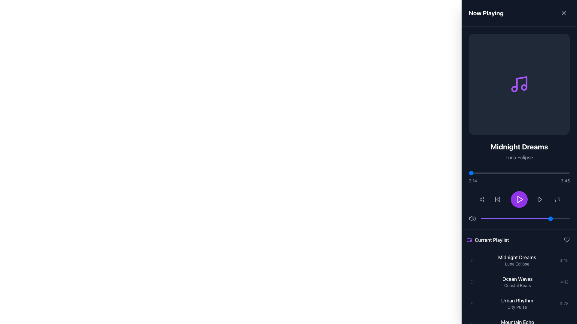  Describe the element at coordinates (512, 173) in the screenshot. I see `the playback progress` at that location.